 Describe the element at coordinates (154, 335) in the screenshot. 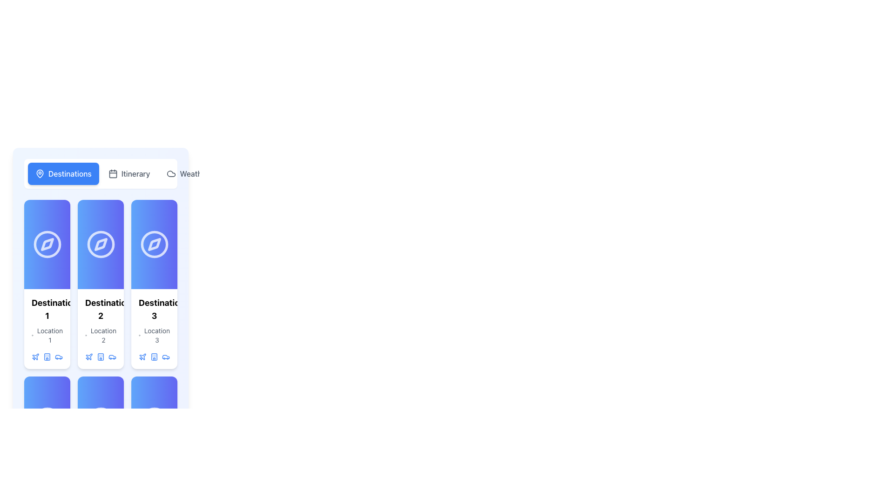

I see `the displayed content of the Text label located below the main heading of 'Destination 3' in the vertically arranged group` at that location.